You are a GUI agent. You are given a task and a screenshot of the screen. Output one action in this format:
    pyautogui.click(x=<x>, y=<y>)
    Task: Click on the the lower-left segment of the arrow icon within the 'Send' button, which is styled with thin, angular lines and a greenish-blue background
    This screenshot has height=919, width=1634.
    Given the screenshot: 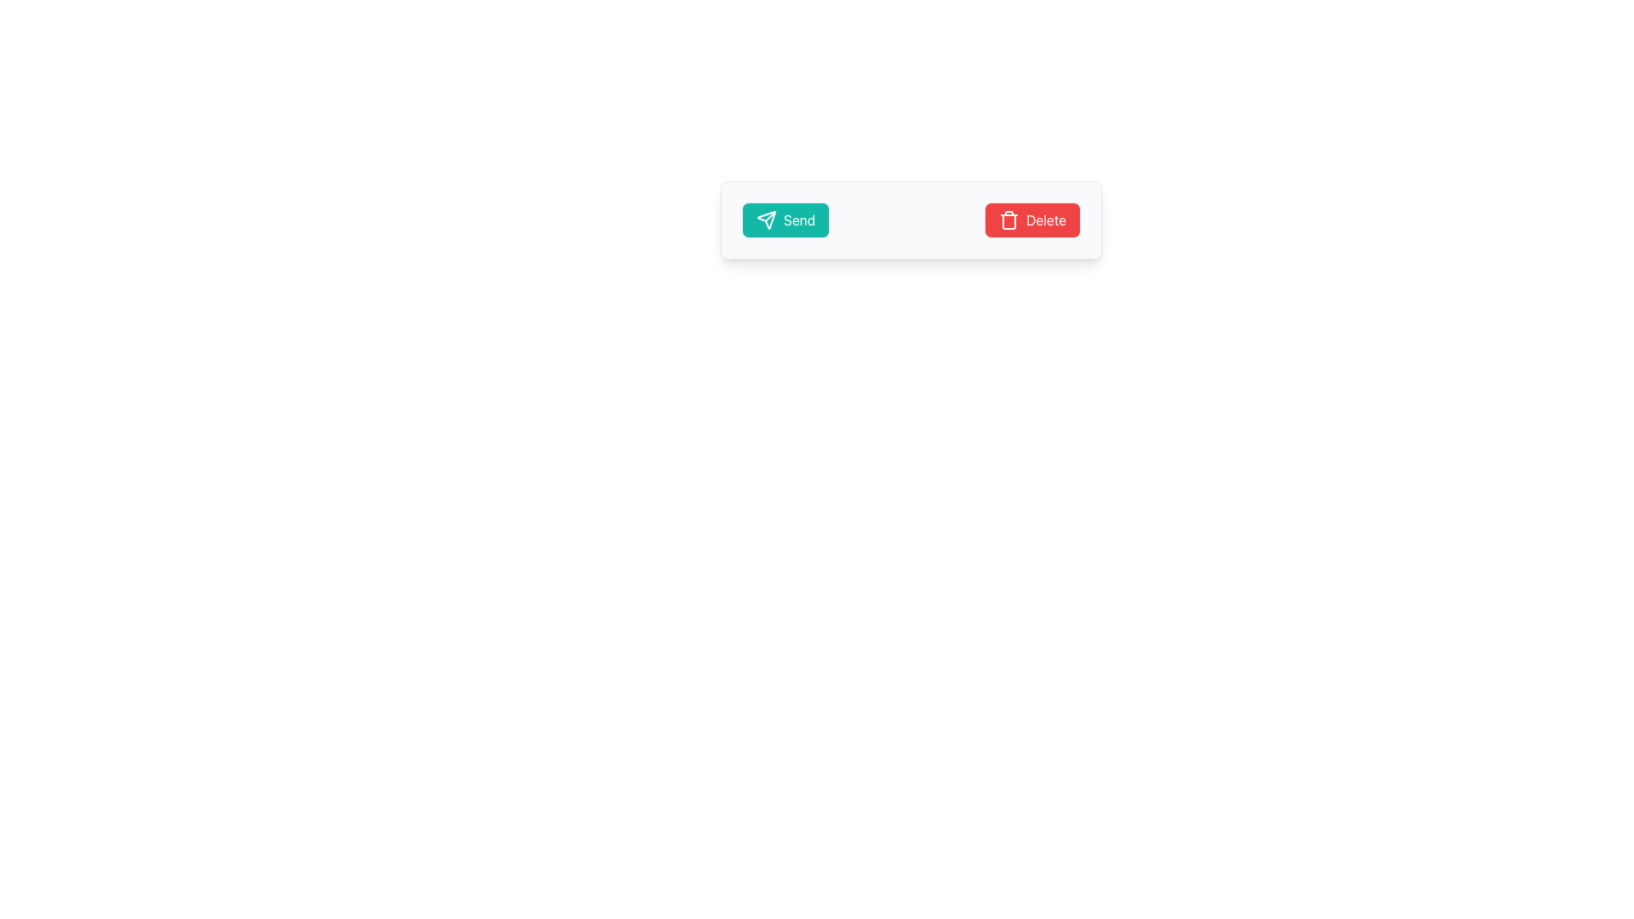 What is the action you would take?
    pyautogui.click(x=766, y=219)
    